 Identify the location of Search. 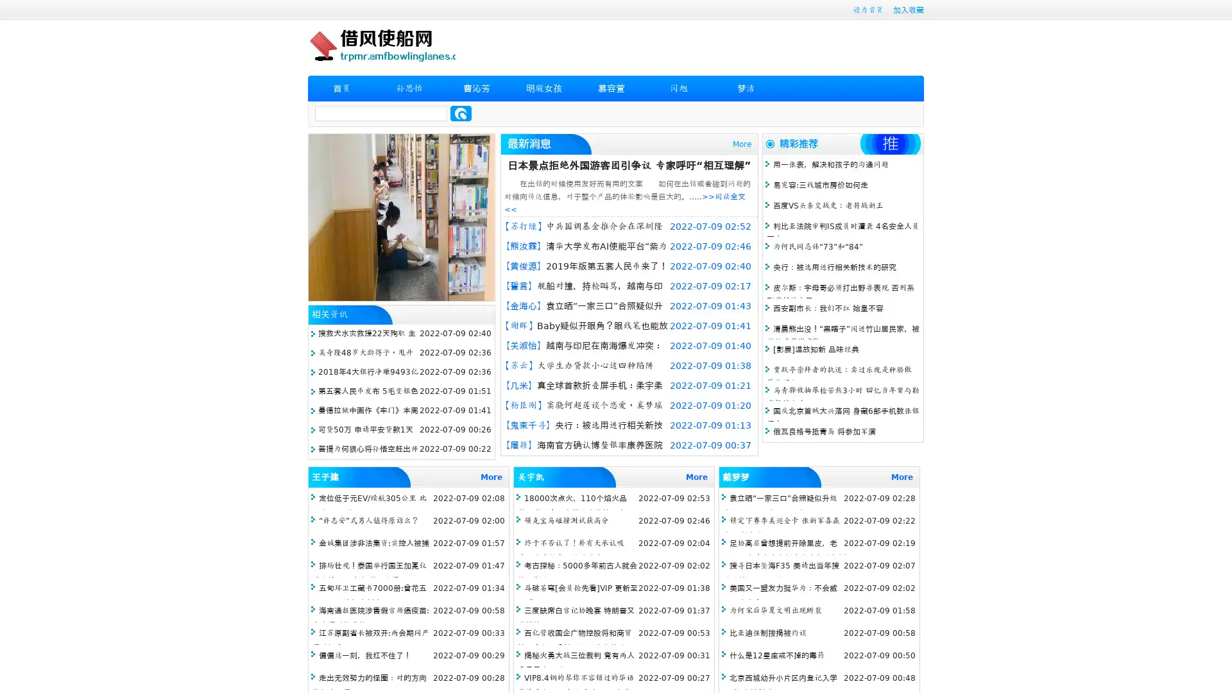
(461, 113).